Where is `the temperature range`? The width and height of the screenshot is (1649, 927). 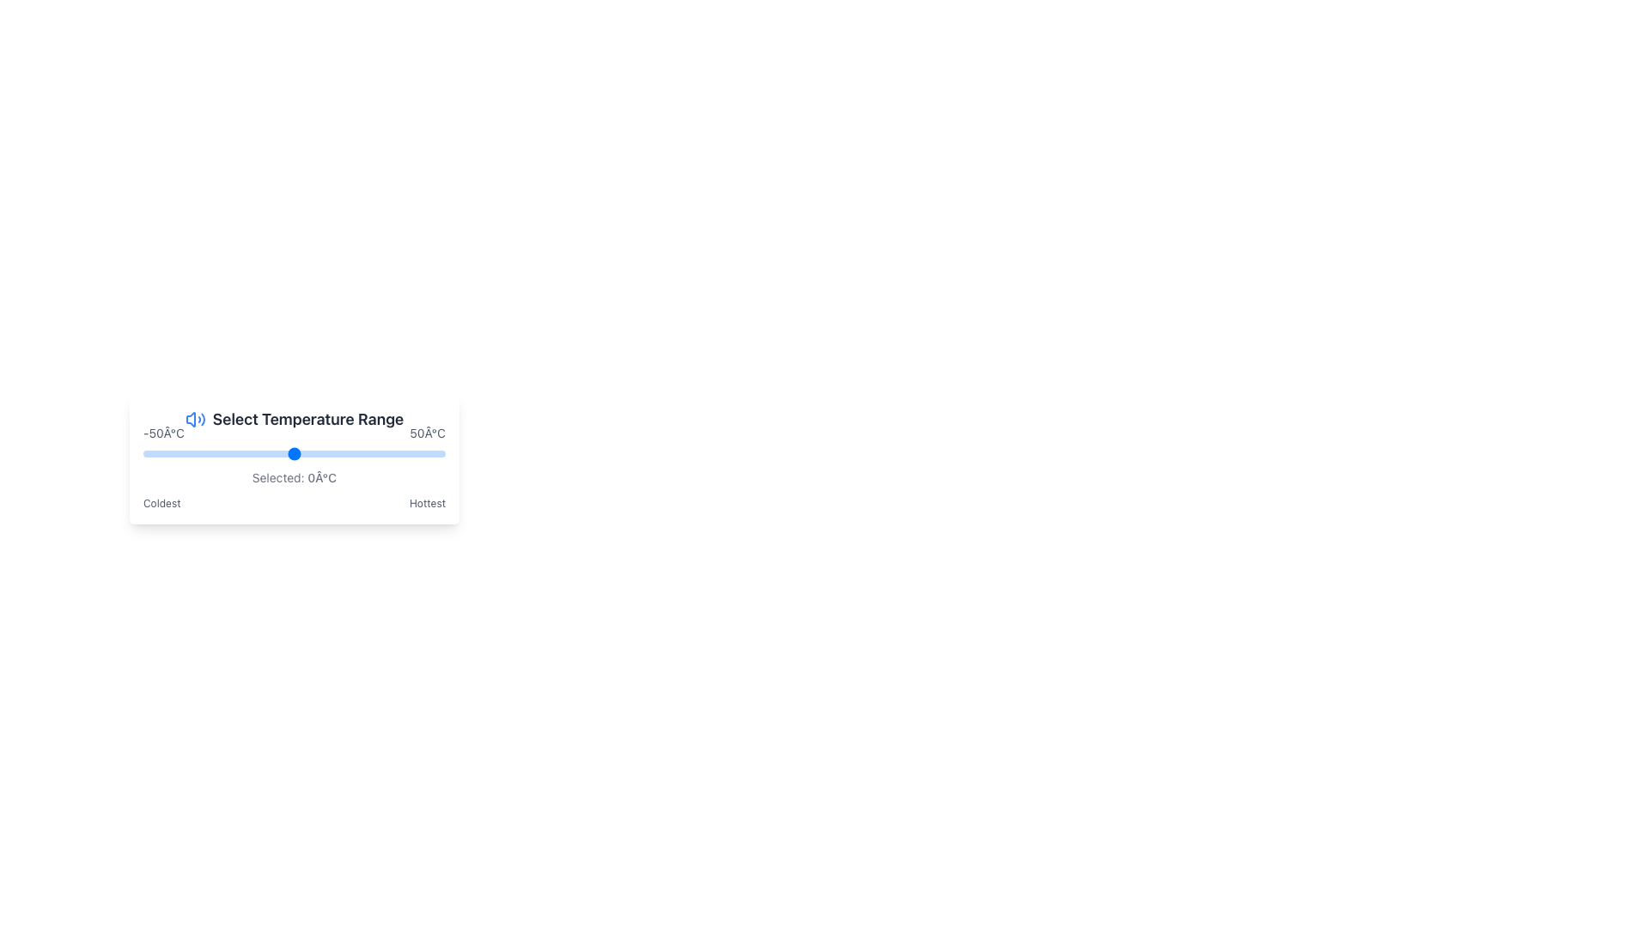
the temperature range is located at coordinates (390, 452).